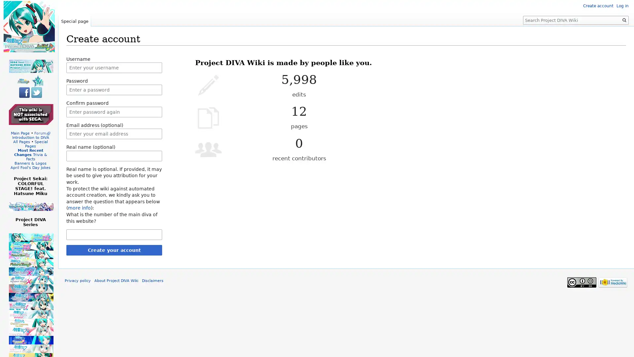 The width and height of the screenshot is (634, 357). Describe the element at coordinates (624, 20) in the screenshot. I see `Go` at that location.